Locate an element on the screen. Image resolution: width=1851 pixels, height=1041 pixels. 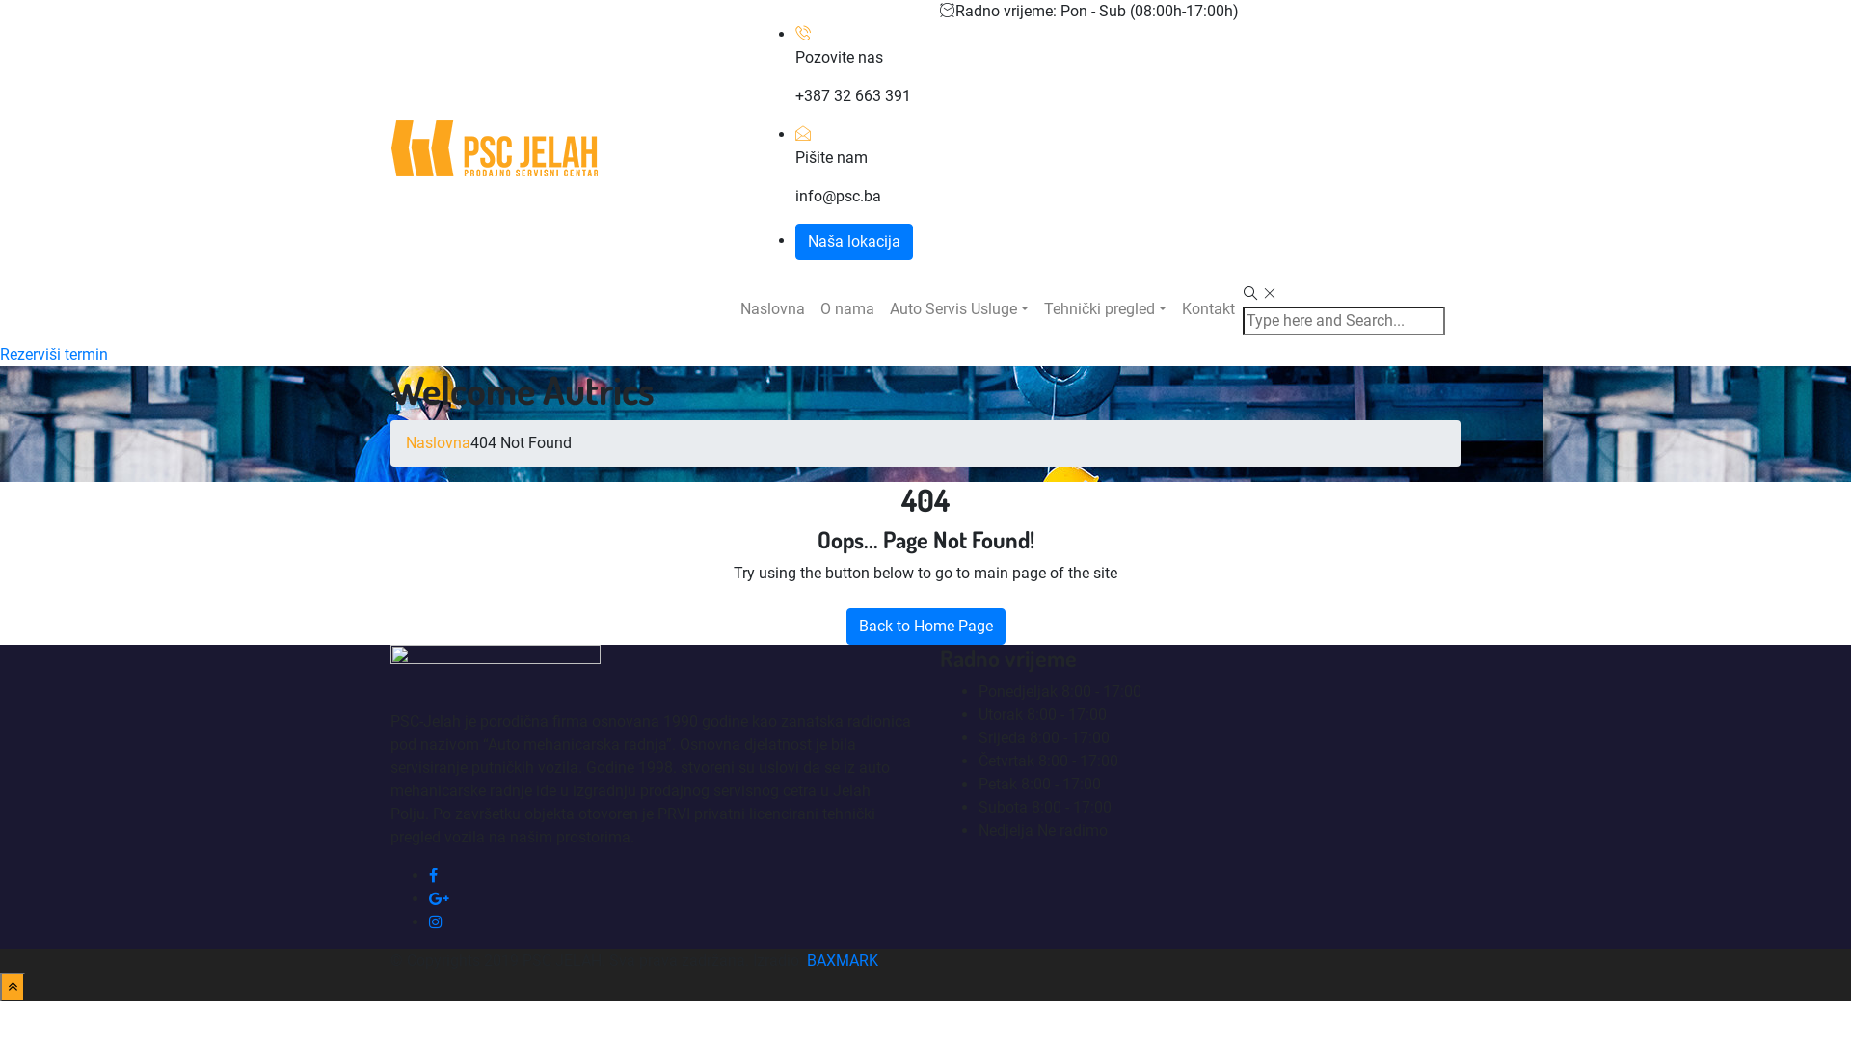
'Back to Top' is located at coordinates (13, 986).